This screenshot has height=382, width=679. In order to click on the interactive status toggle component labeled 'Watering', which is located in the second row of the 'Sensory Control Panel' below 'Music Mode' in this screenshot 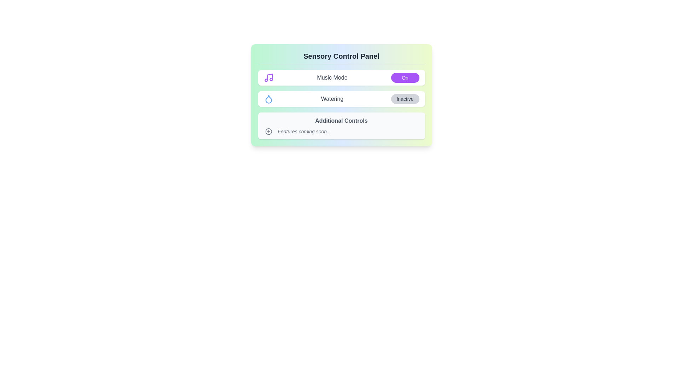, I will do `click(341, 99)`.